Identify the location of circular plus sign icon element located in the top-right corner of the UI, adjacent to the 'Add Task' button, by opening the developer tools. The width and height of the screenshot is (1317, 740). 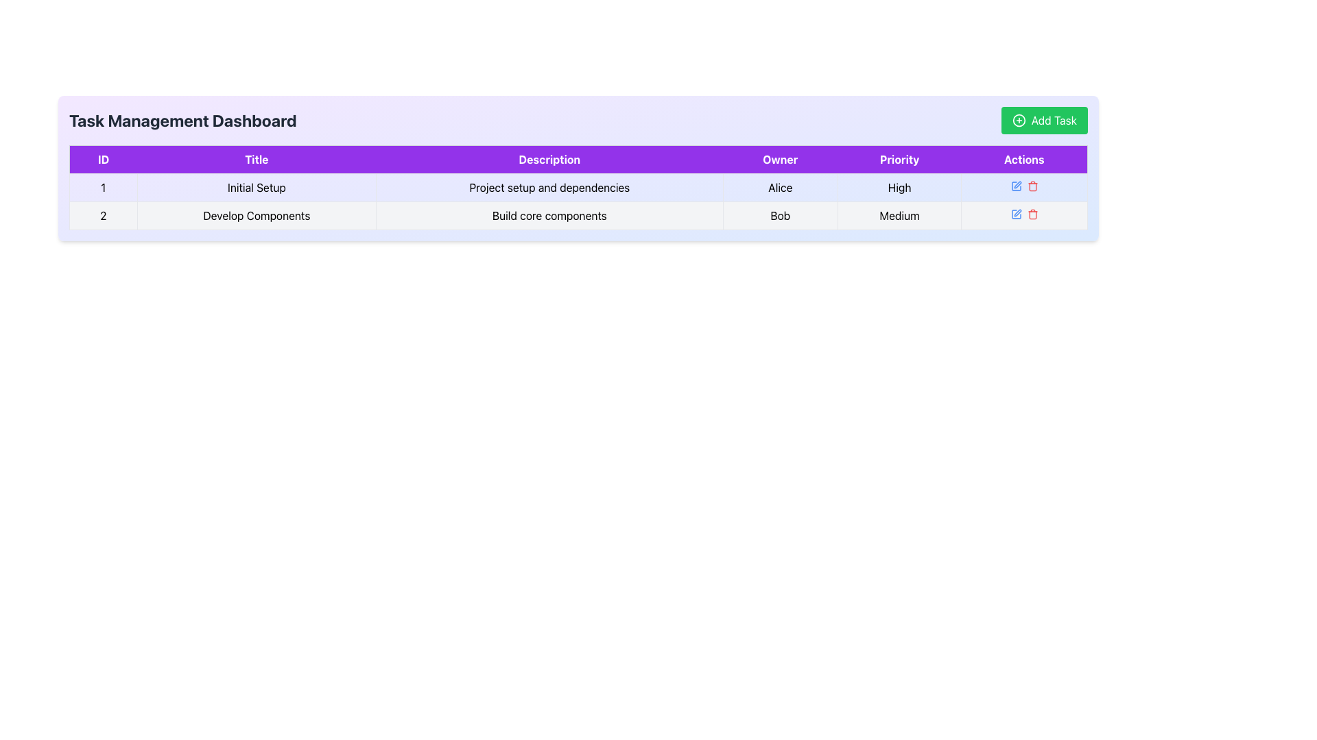
(1019, 120).